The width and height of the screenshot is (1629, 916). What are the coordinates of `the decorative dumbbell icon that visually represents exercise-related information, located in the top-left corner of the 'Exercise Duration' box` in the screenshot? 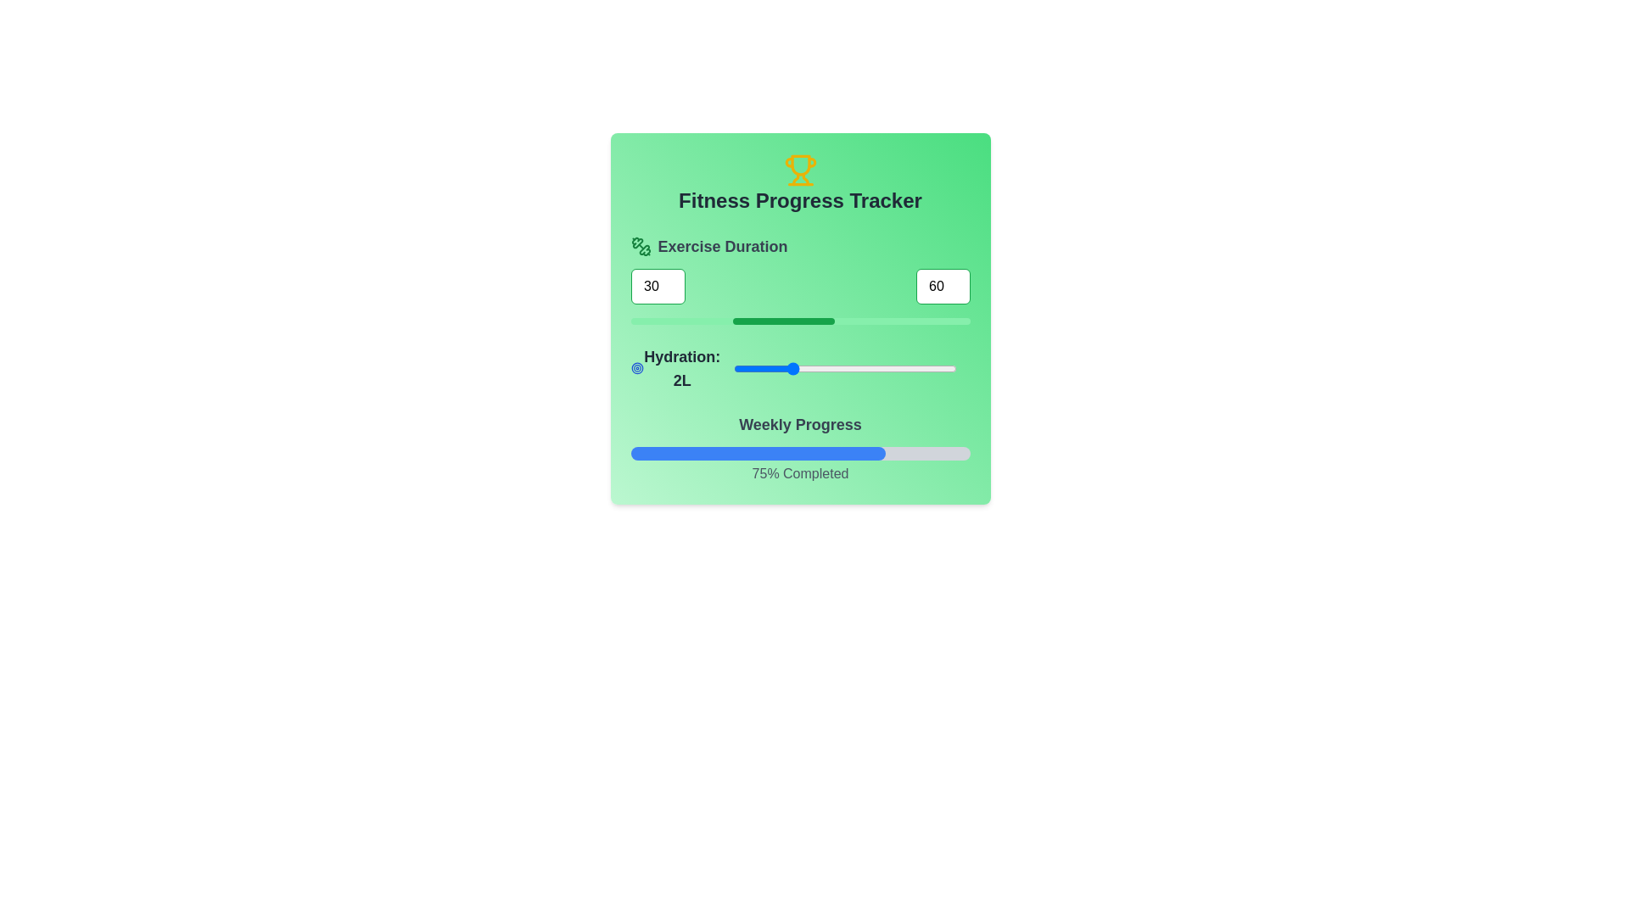 It's located at (643, 250).